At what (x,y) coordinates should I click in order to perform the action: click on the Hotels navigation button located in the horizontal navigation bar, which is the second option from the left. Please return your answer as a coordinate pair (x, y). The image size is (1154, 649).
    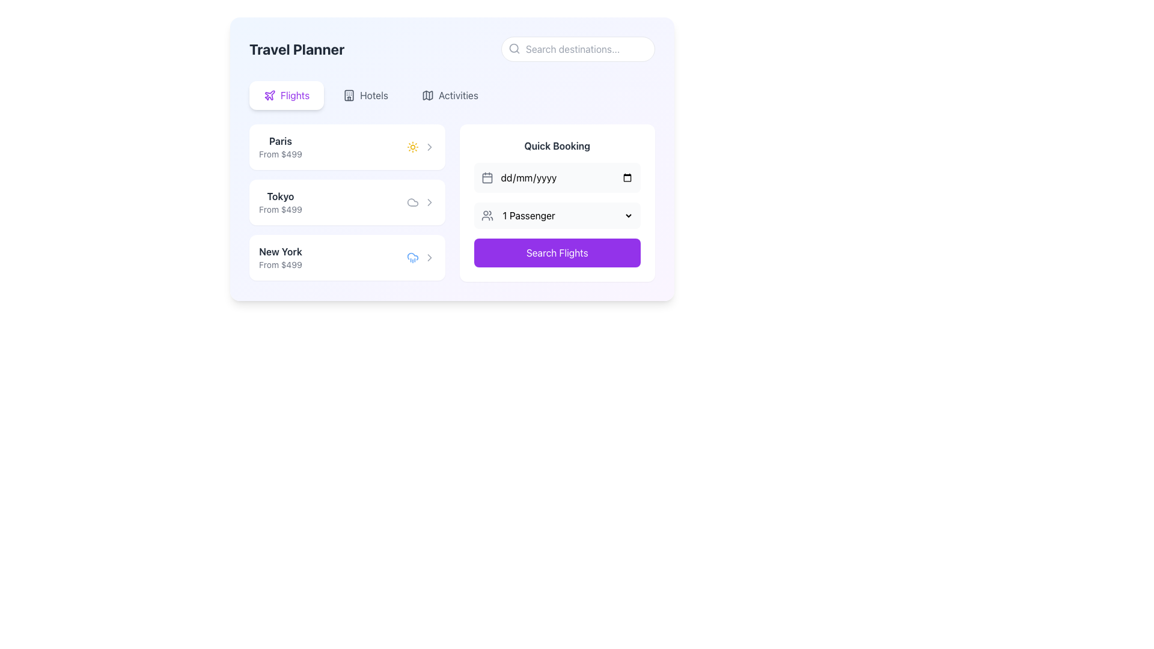
    Looking at the image, I should click on (365, 94).